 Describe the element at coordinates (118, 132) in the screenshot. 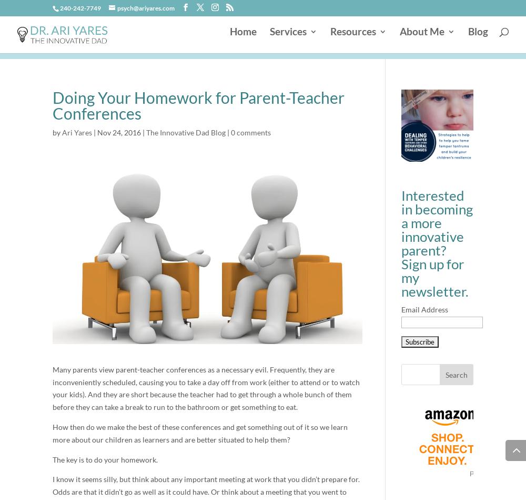

I see `'Nov 24, 2016'` at that location.